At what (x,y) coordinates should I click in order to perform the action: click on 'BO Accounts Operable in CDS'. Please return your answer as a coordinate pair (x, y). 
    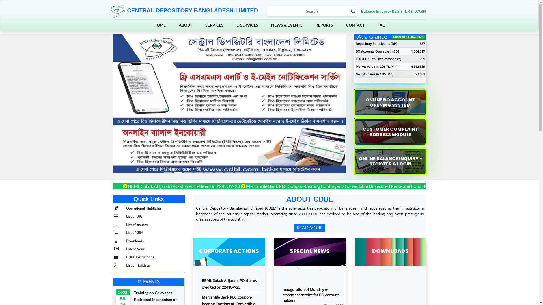
    Looking at the image, I should click on (377, 51).